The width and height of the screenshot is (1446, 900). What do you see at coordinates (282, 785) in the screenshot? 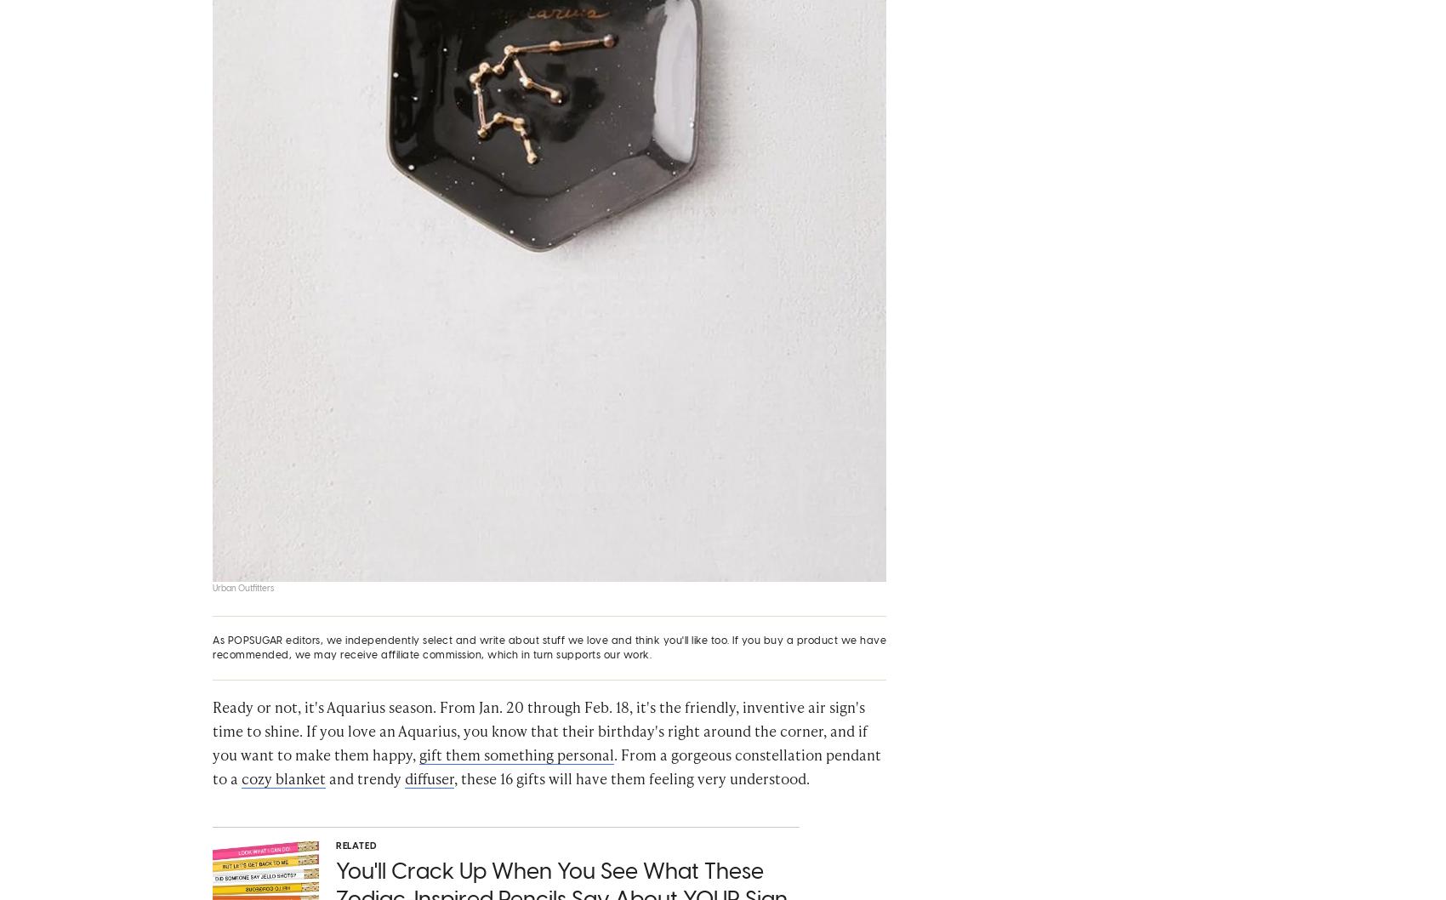
I see `'cozy blanket'` at bounding box center [282, 785].